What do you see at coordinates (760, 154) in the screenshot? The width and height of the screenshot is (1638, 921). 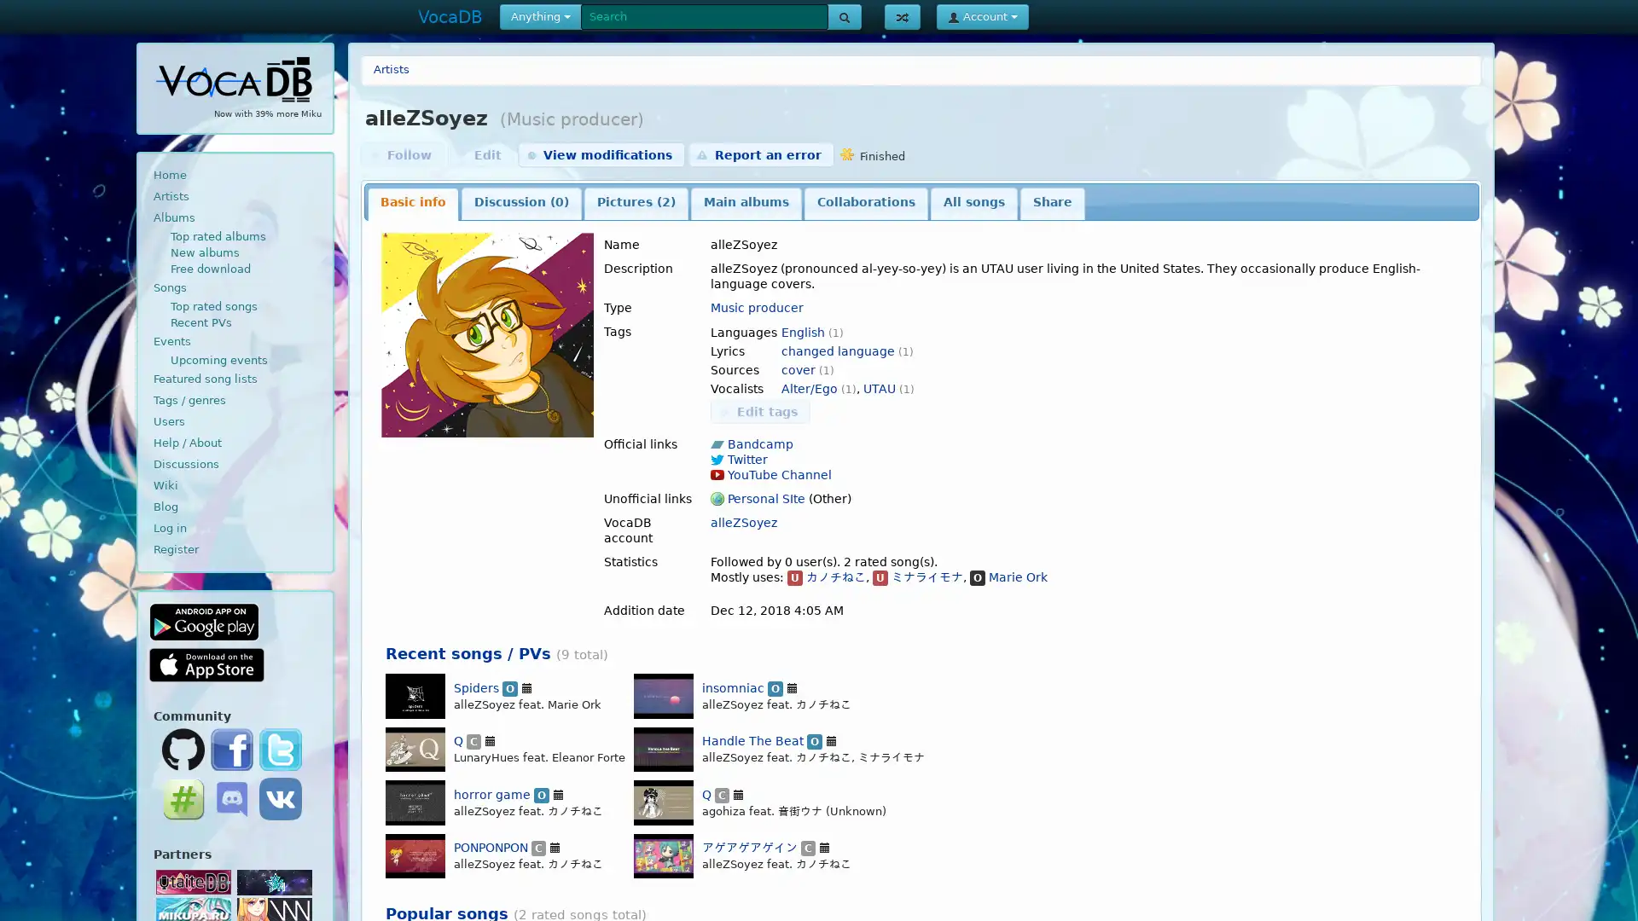 I see `Report an error` at bounding box center [760, 154].